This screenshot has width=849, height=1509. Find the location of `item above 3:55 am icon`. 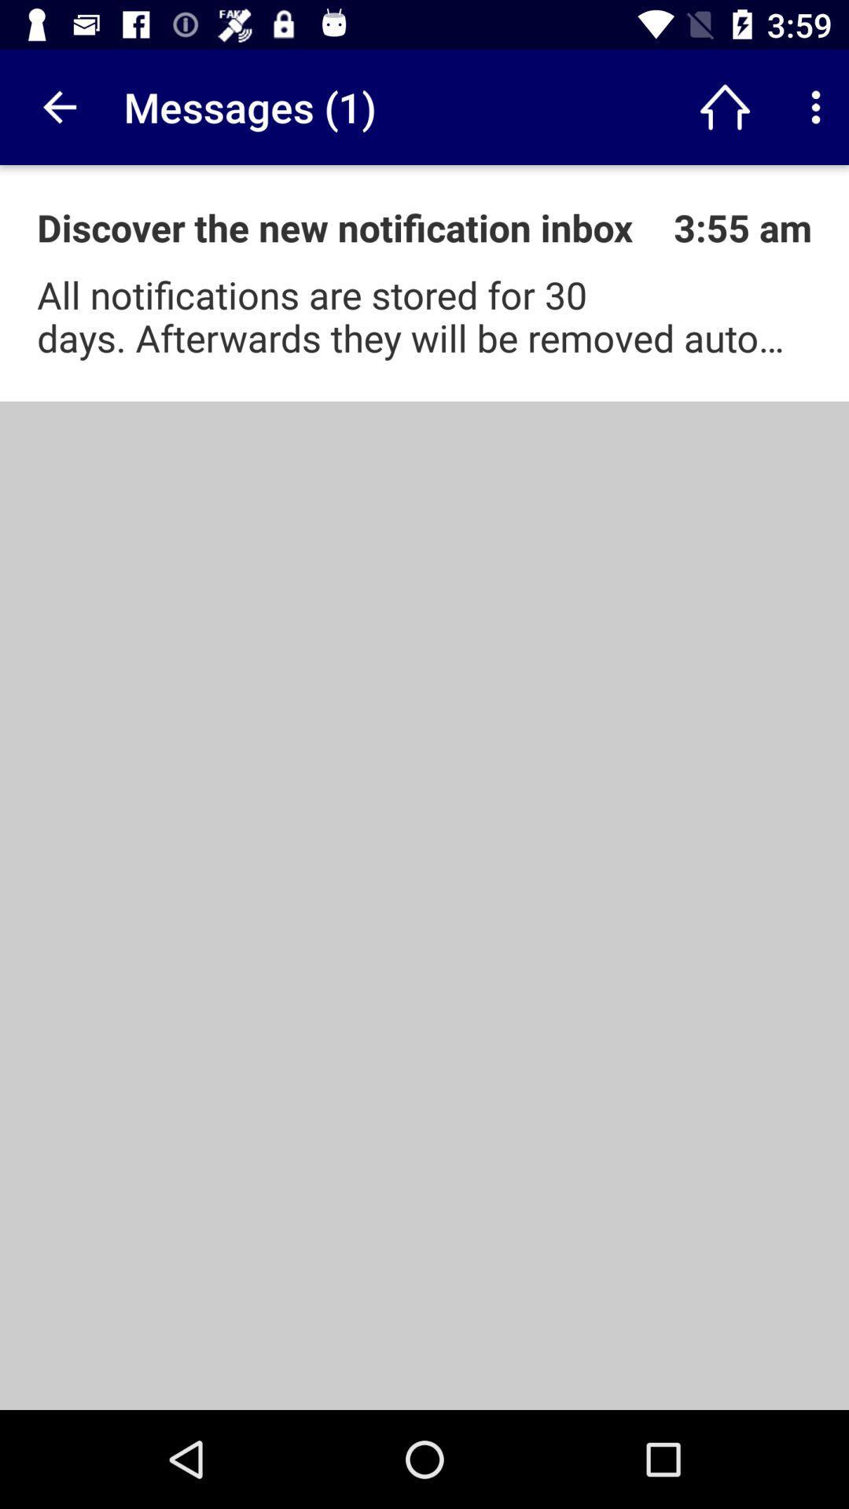

item above 3:55 am icon is located at coordinates (725, 106).